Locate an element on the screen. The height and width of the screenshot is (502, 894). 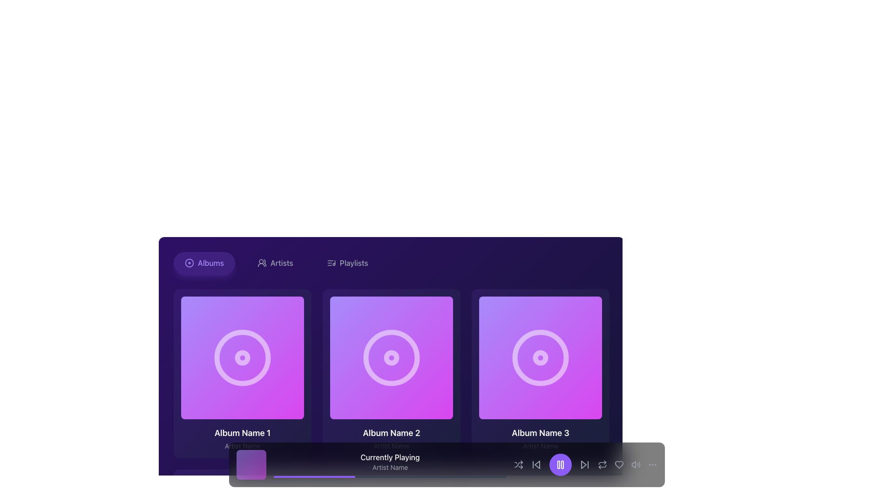
the slider is located at coordinates (390, 477).